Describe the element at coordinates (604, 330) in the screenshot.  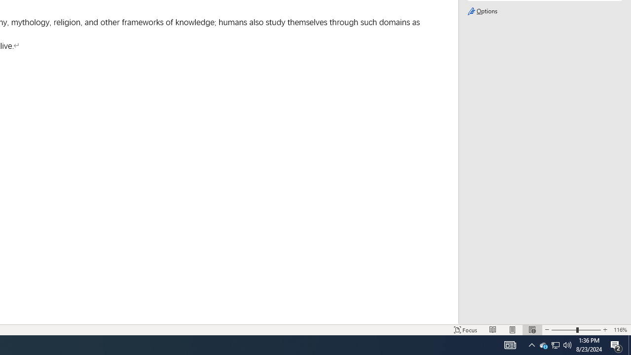
I see `'Zoom In'` at that location.